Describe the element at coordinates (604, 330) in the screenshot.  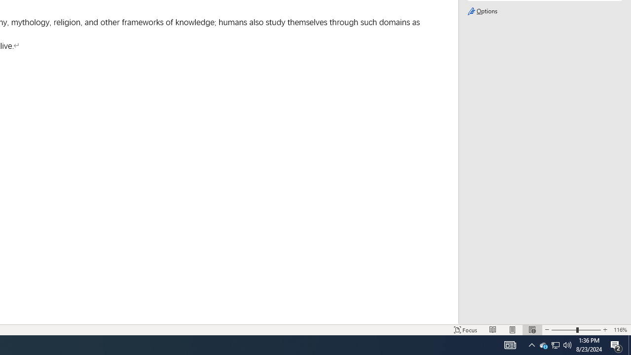
I see `'Zoom In'` at that location.